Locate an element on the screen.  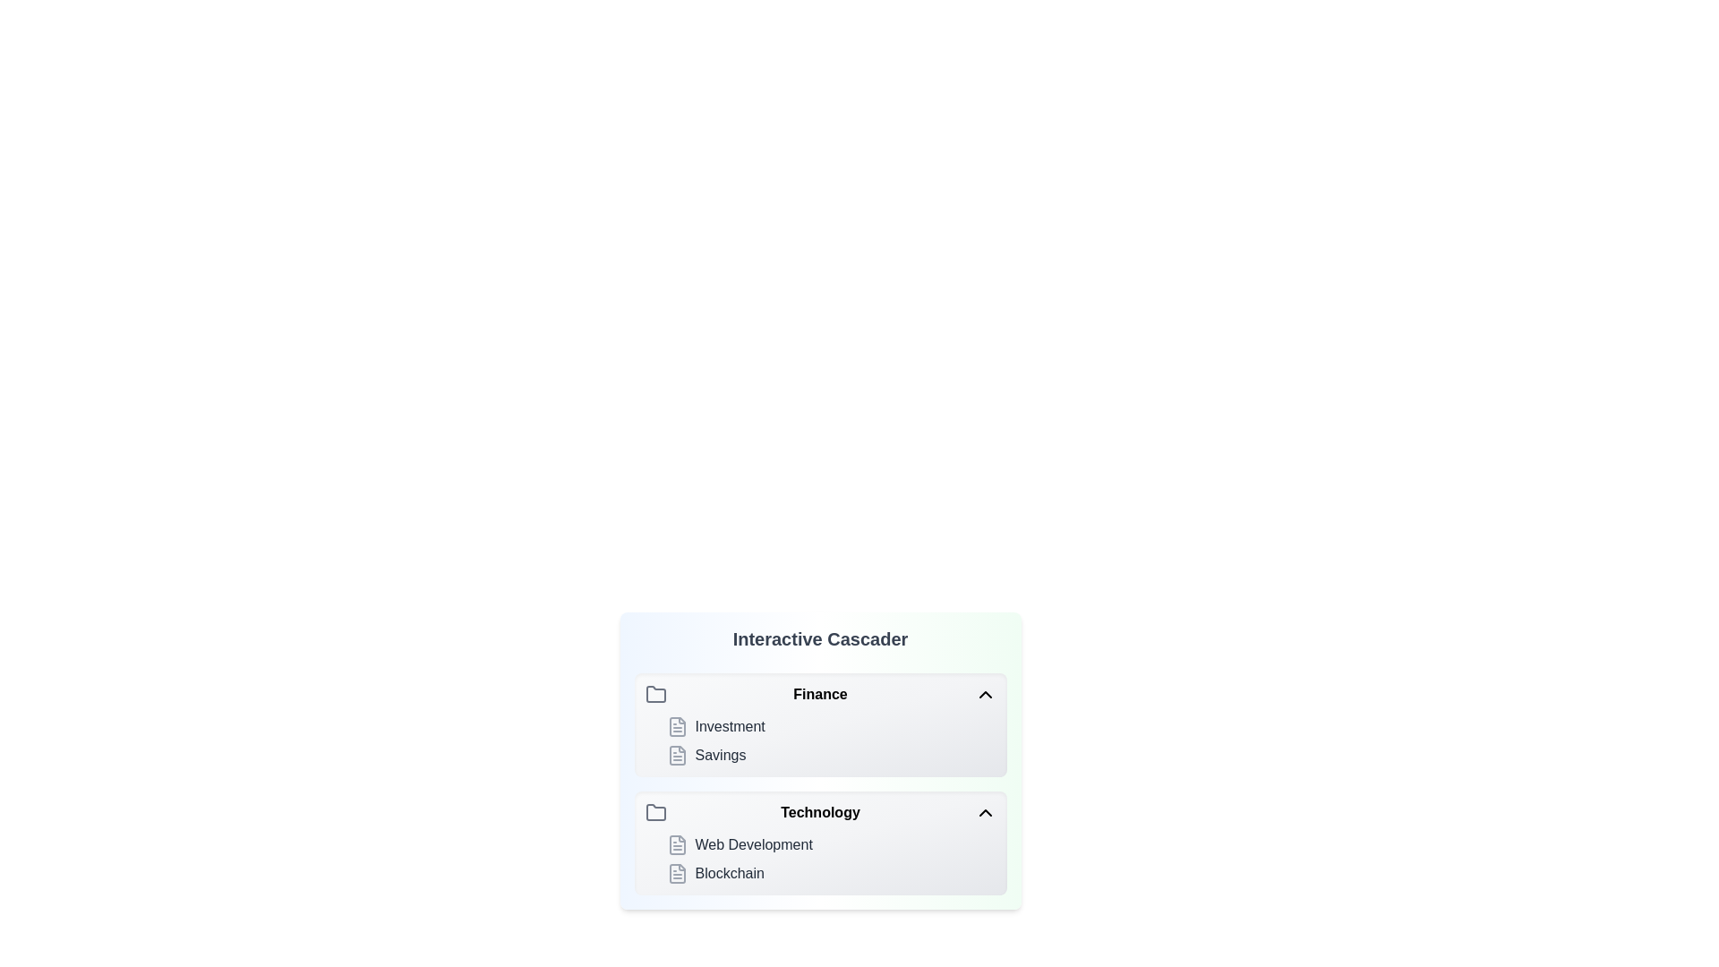
the folder icon located to the left of the 'Technology' label in the bottom section of the list is located at coordinates (654, 812).